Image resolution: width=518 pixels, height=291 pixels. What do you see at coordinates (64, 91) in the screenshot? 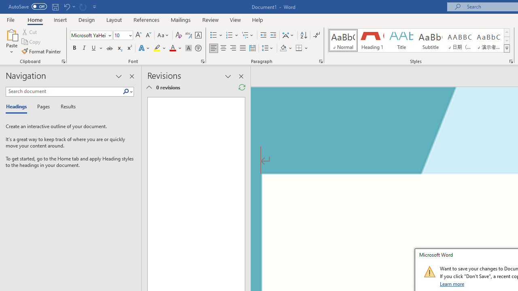
I see `'Search document'` at bounding box center [64, 91].